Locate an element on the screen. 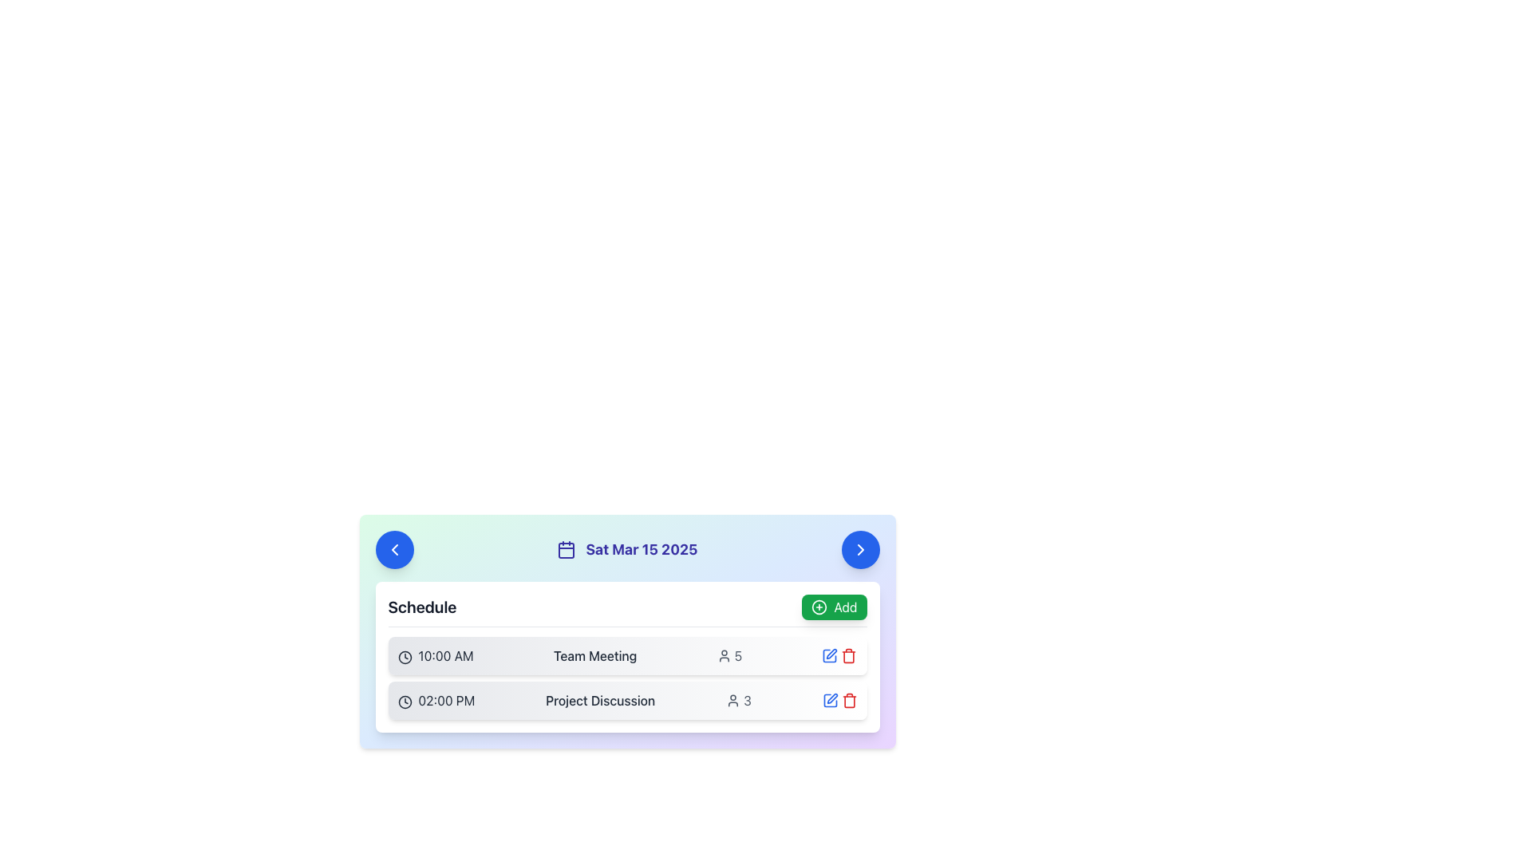 The height and width of the screenshot is (862, 1532). attention on the green circular 'Add' button by clicking on its center is located at coordinates (819, 607).